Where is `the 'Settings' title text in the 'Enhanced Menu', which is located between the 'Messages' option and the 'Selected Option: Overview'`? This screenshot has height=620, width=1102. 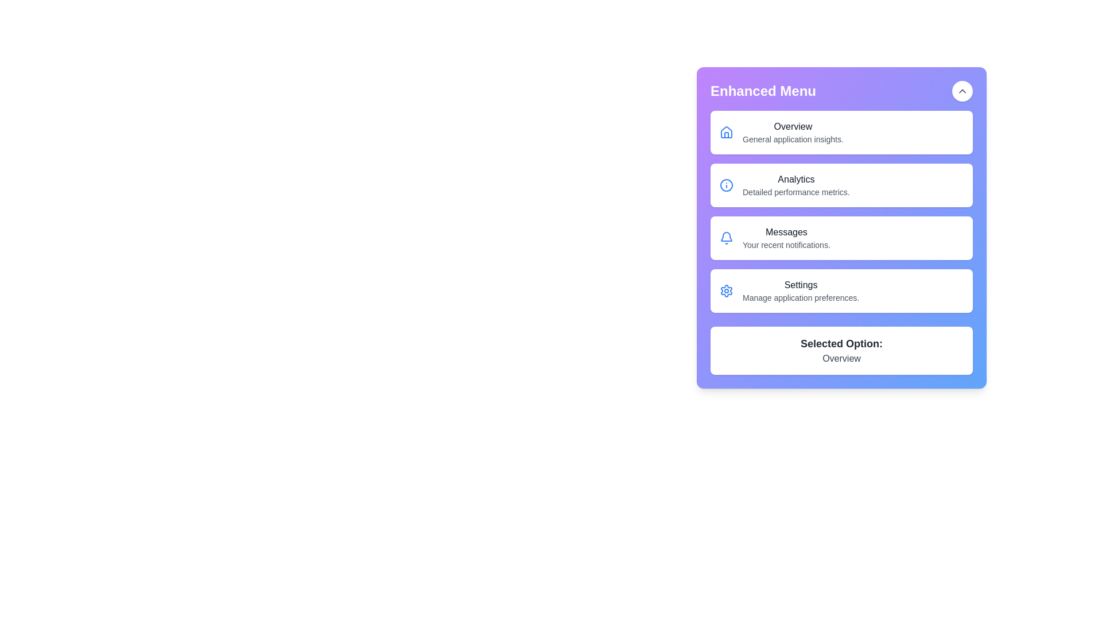
the 'Settings' title text in the 'Enhanced Menu', which is located between the 'Messages' option and the 'Selected Option: Overview' is located at coordinates (800, 285).